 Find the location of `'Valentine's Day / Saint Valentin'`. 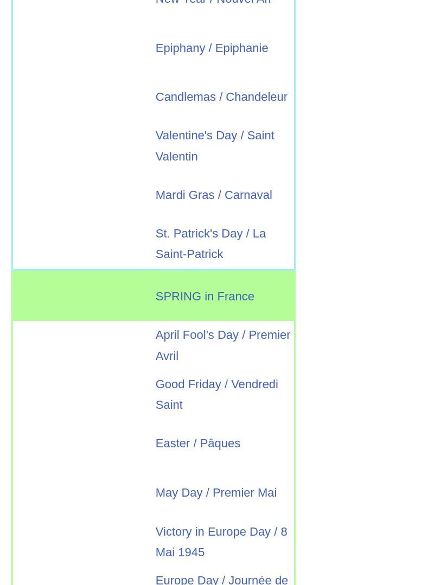

'Valentine's Day / Saint Valentin' is located at coordinates (214, 145).